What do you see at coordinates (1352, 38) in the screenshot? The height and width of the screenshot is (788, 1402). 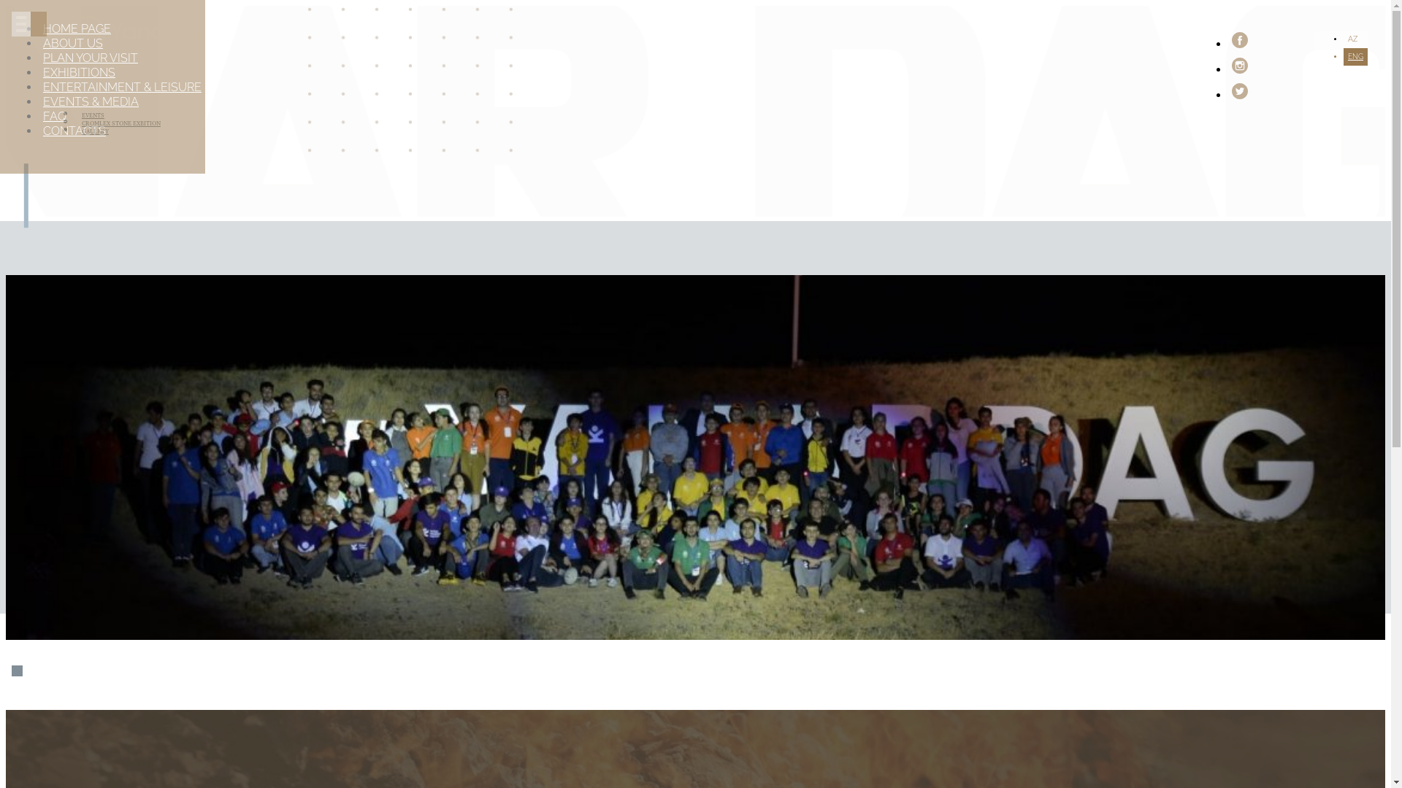 I see `'AZ'` at bounding box center [1352, 38].